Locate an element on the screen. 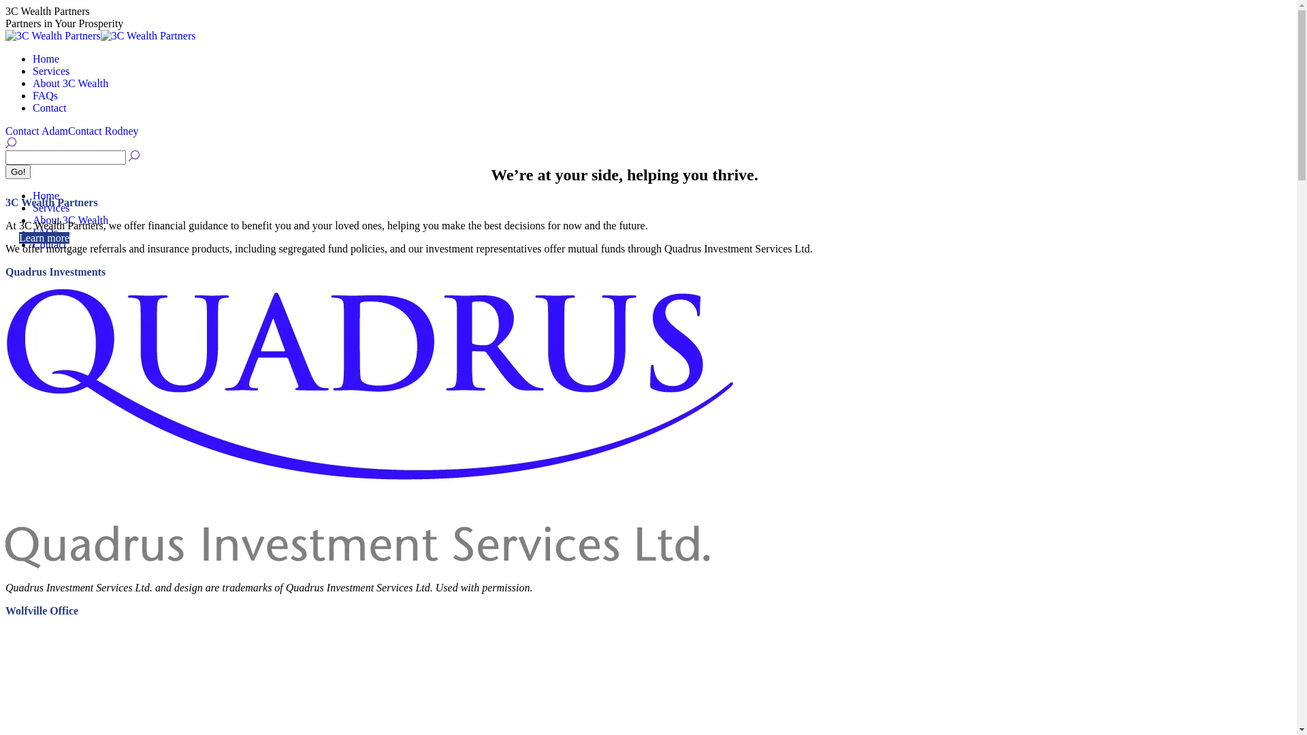 The image size is (1307, 735). 'Contact Rodney' is located at coordinates (103, 131).